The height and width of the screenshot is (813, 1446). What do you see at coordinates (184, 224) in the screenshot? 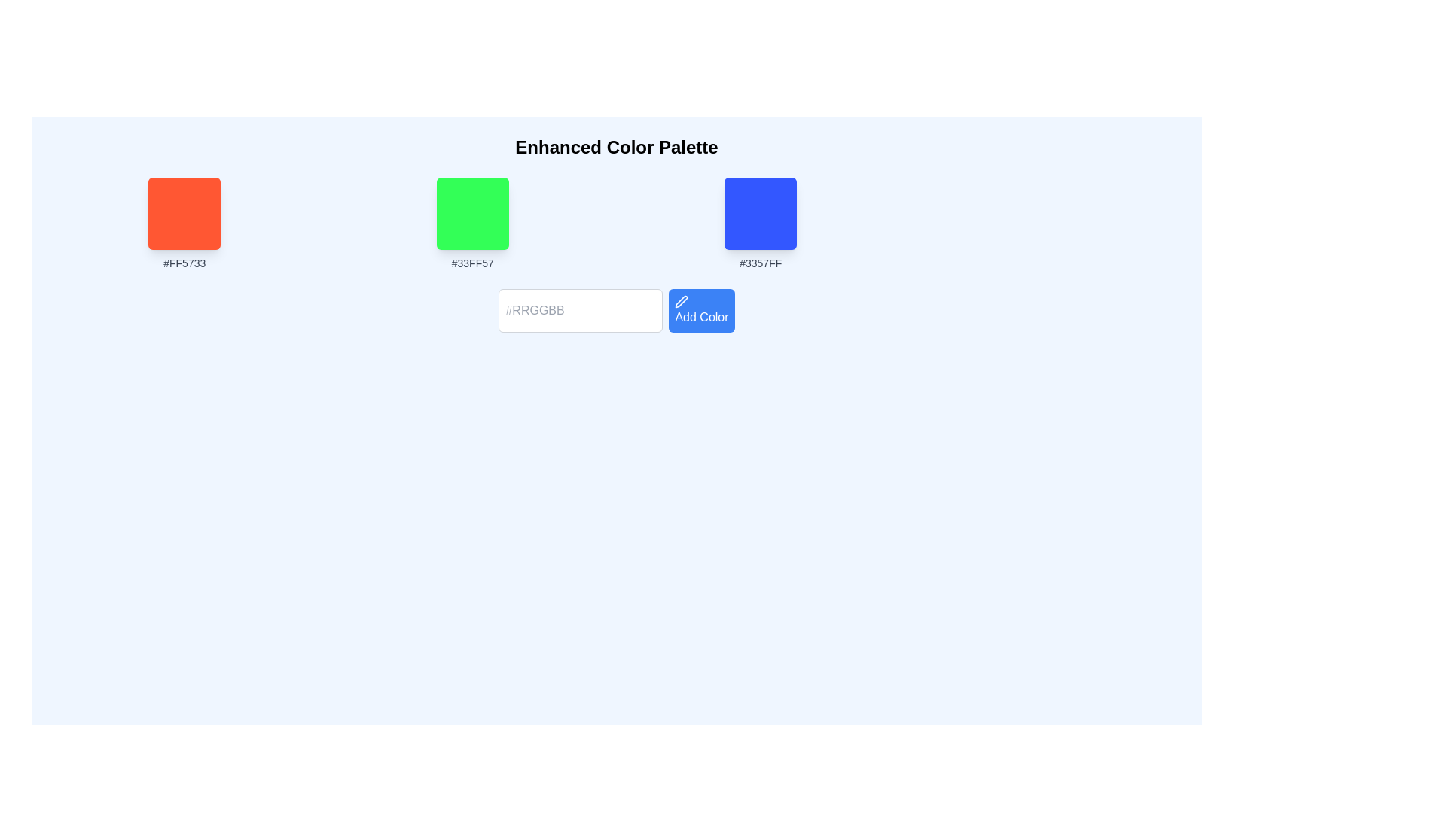
I see `the color of the leftmost color swatch component, which is a square with a red-orange background color (#FF5733) and rounded corners` at bounding box center [184, 224].